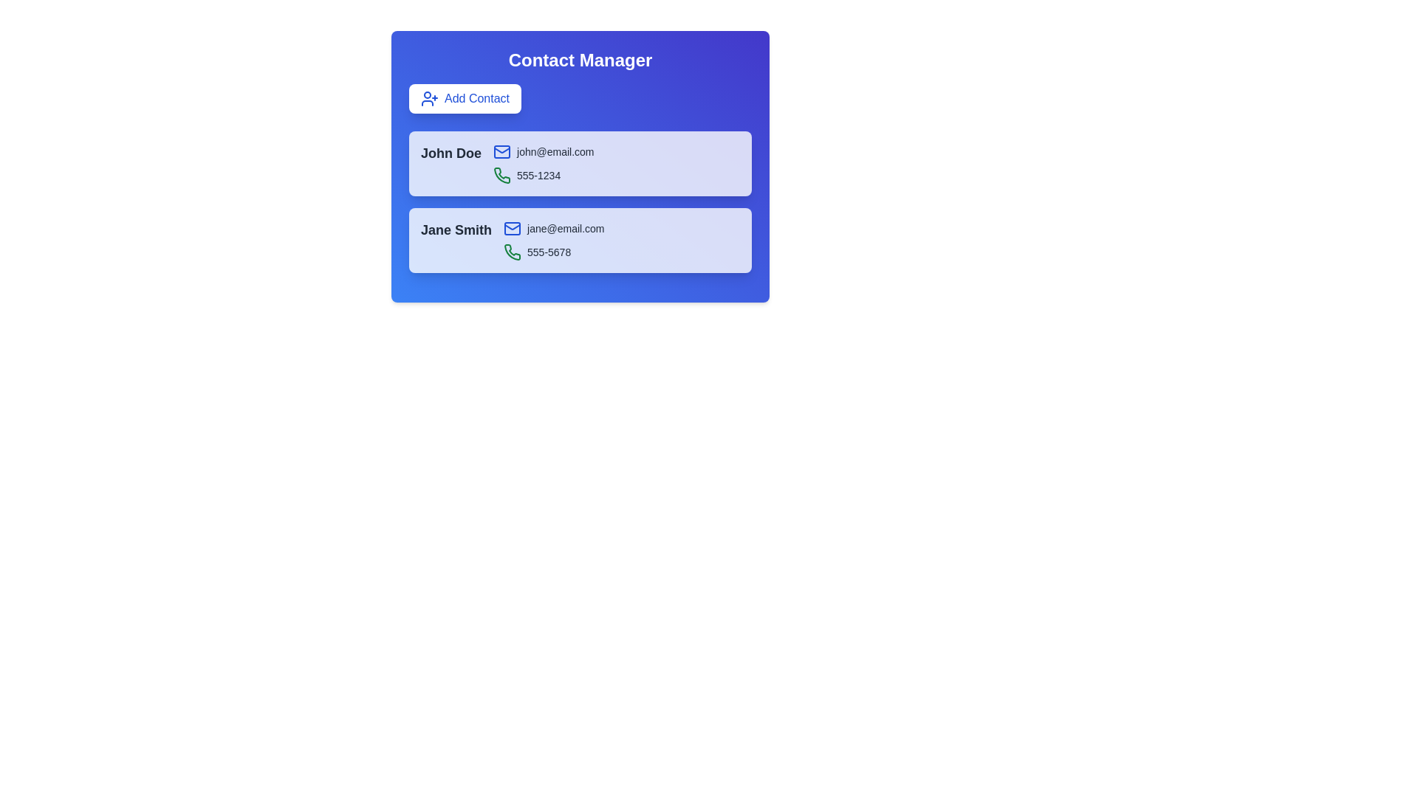 This screenshot has width=1418, height=797. I want to click on the text of the contact card for Jane Smith, so click(420, 219).